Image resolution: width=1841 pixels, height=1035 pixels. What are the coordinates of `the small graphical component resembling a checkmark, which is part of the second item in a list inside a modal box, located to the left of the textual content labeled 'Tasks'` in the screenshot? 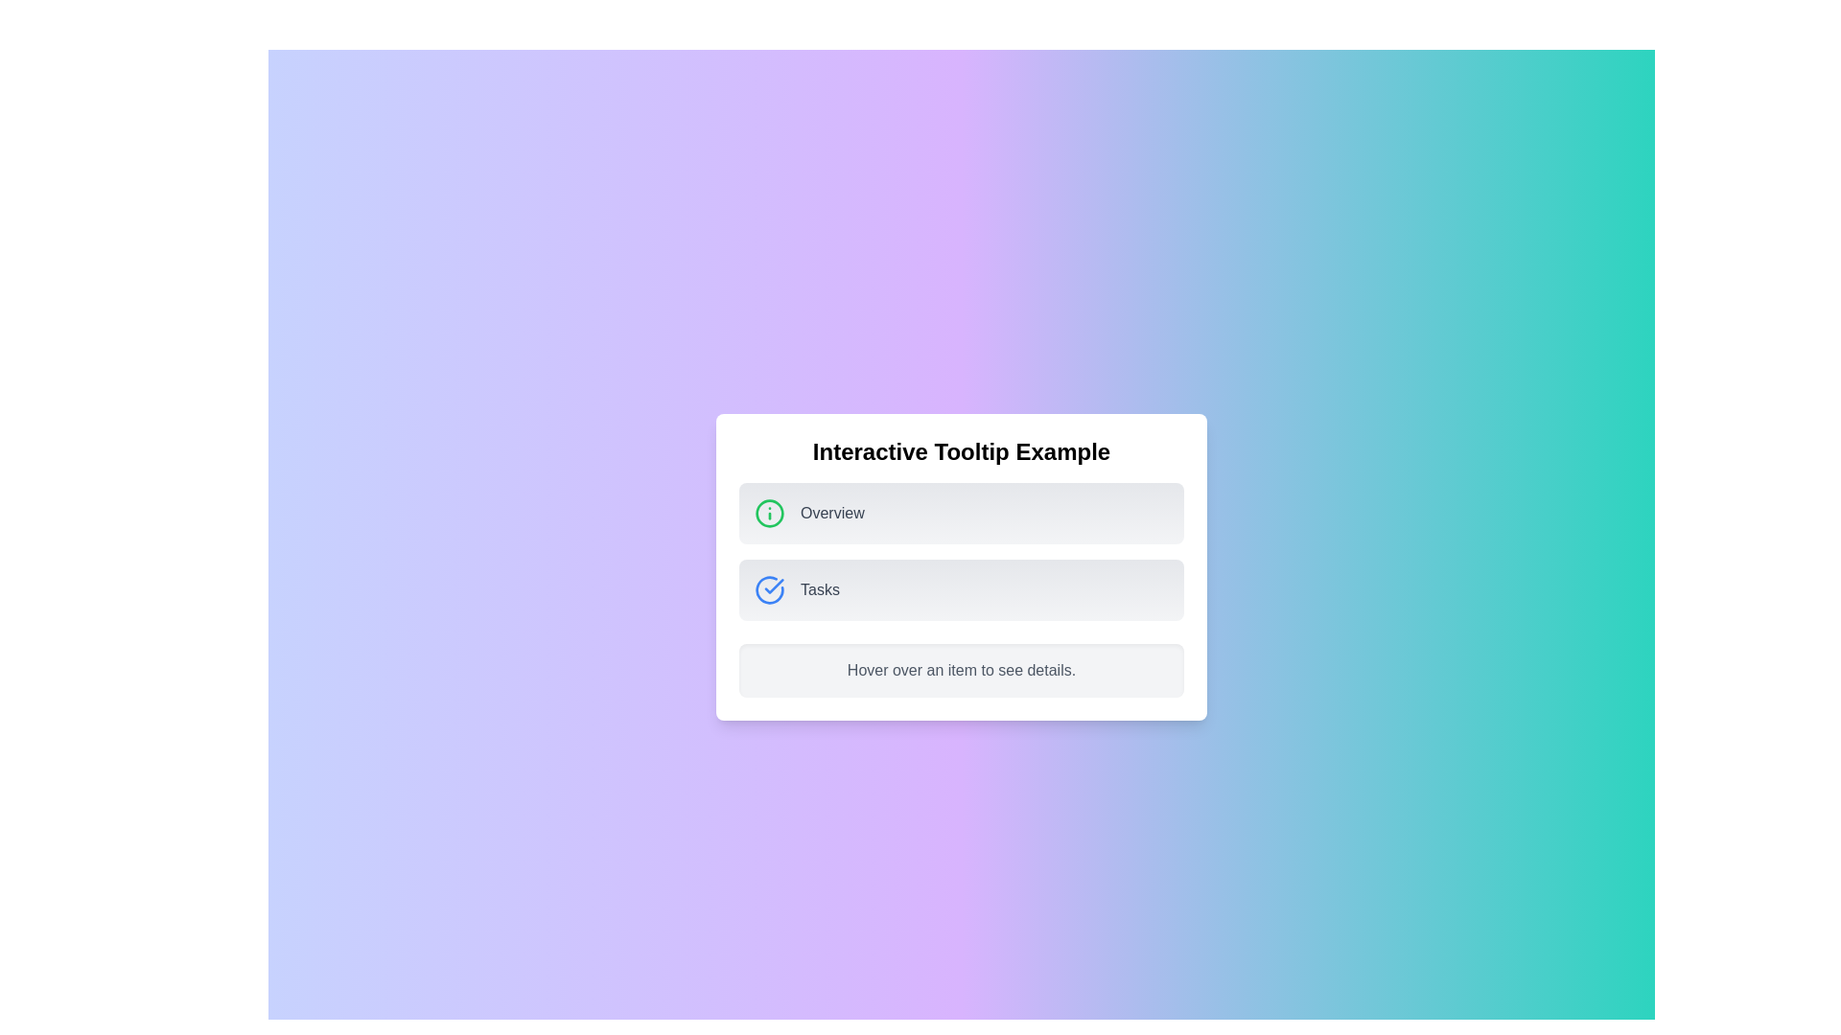 It's located at (774, 586).